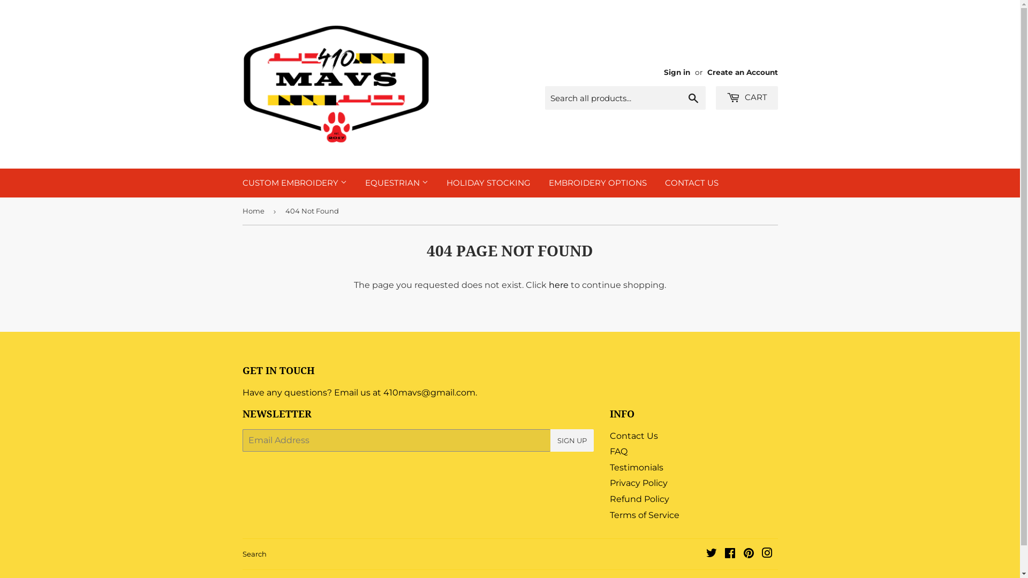  I want to click on 'HOLIDAY STOCKING', so click(487, 182).